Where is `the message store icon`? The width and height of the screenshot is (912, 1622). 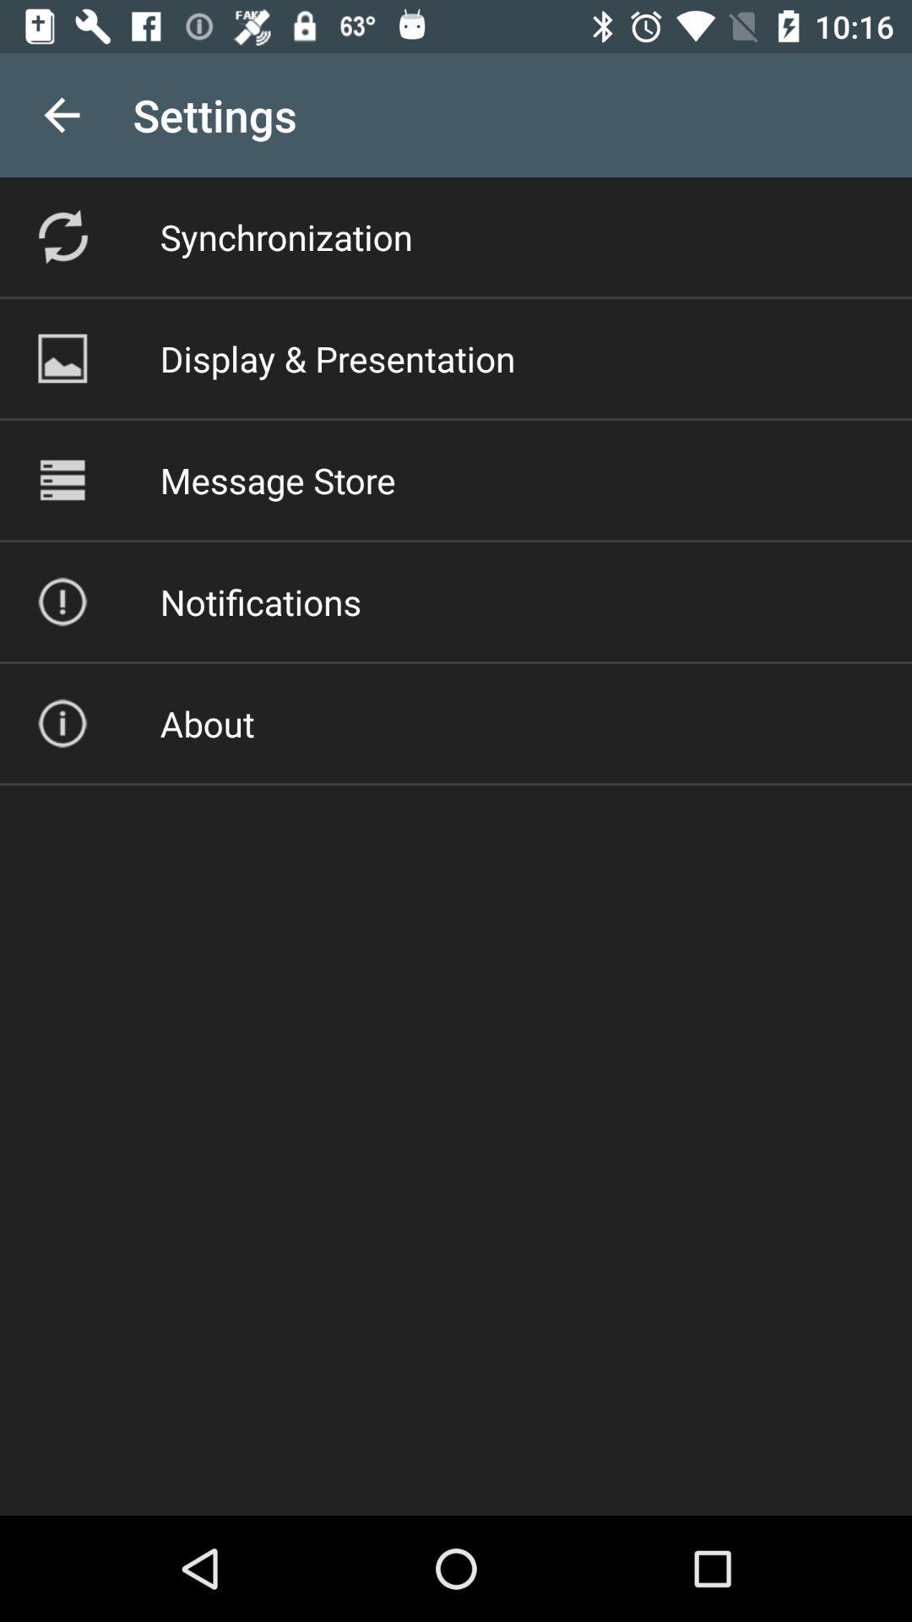
the message store icon is located at coordinates (277, 479).